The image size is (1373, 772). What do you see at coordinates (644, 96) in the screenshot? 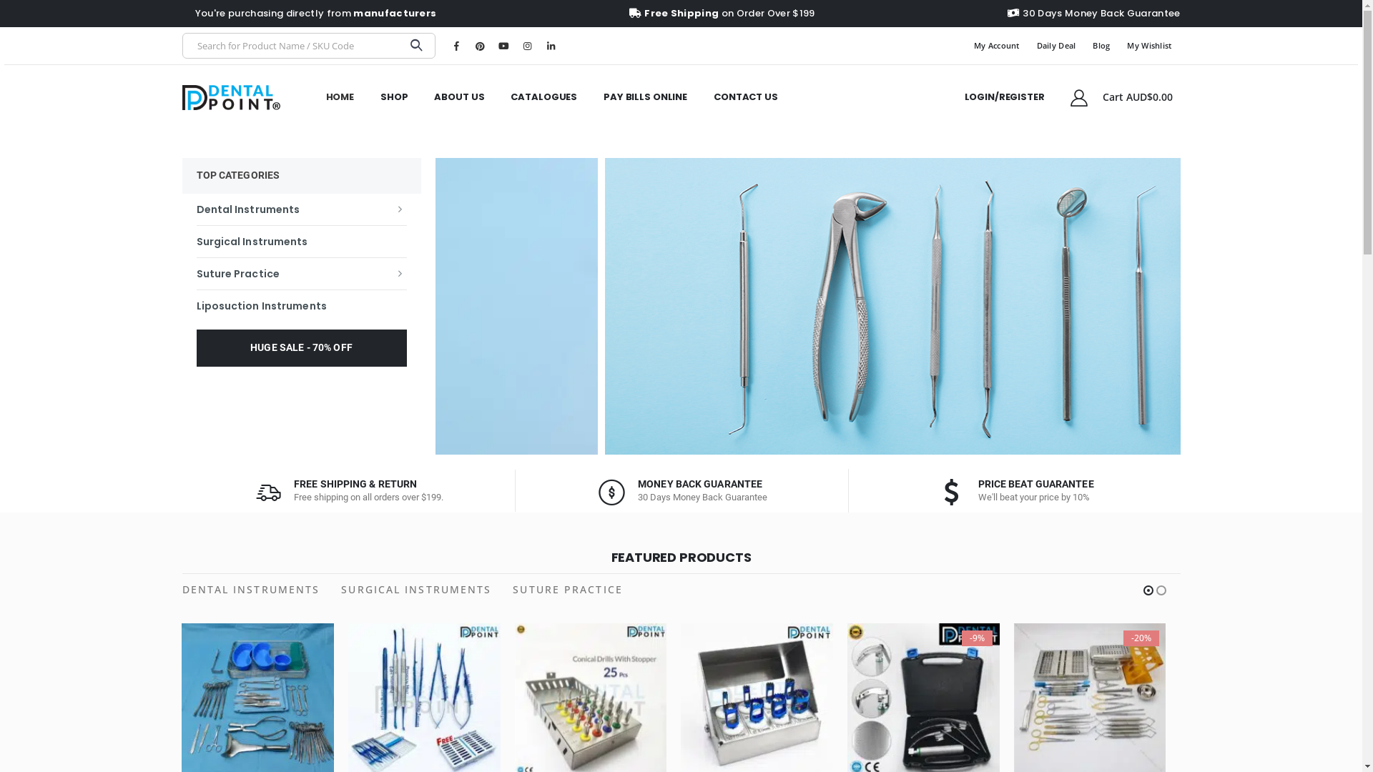
I see `'PAY BILLS ONLINE'` at bounding box center [644, 96].